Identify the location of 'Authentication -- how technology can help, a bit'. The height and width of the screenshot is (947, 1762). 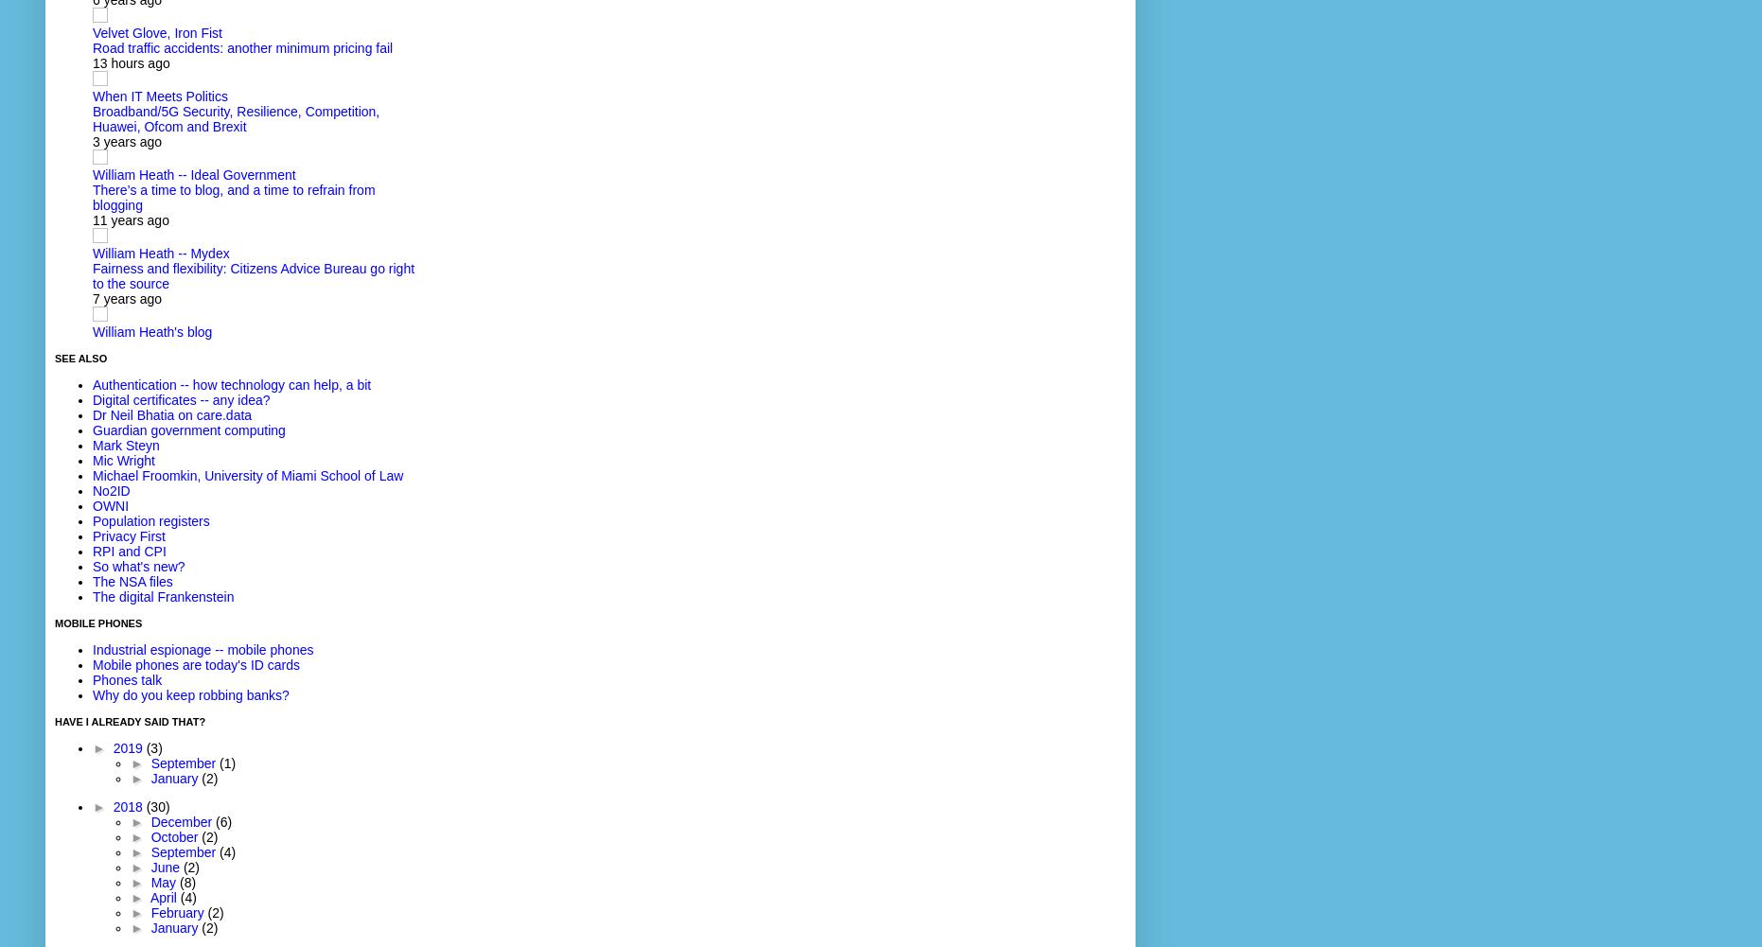
(92, 384).